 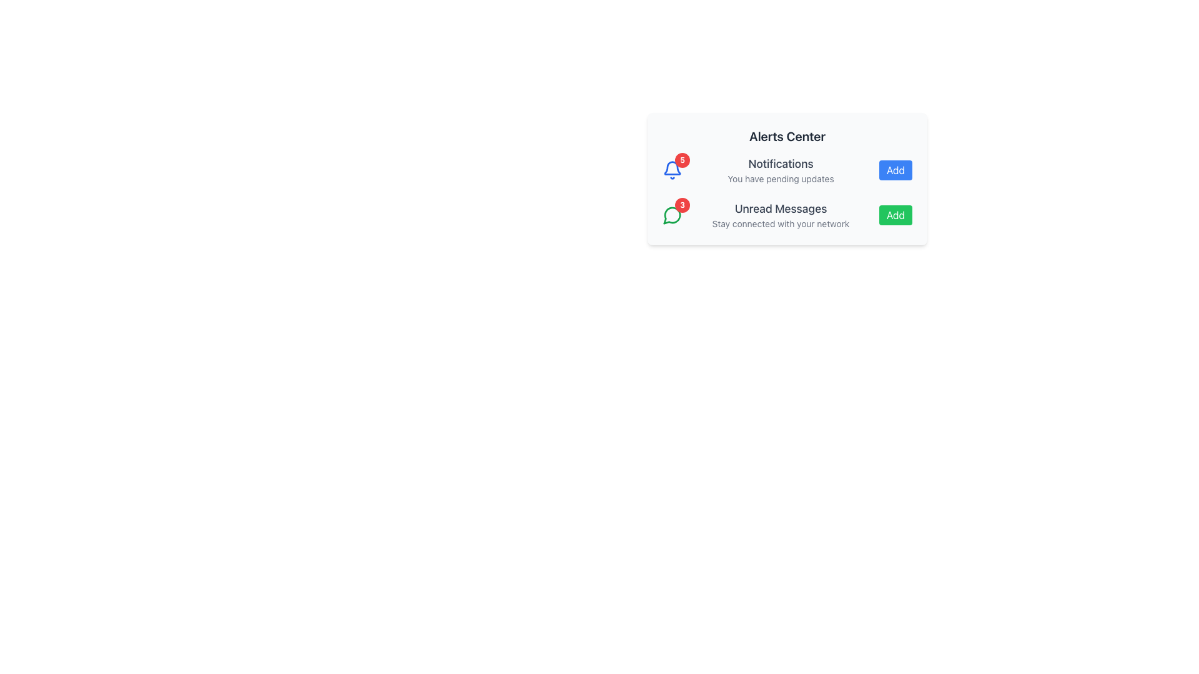 What do you see at coordinates (780, 170) in the screenshot?
I see `the text display element that shows 'Notifications' and 'You have pending updates' in the Alerts Center section` at bounding box center [780, 170].